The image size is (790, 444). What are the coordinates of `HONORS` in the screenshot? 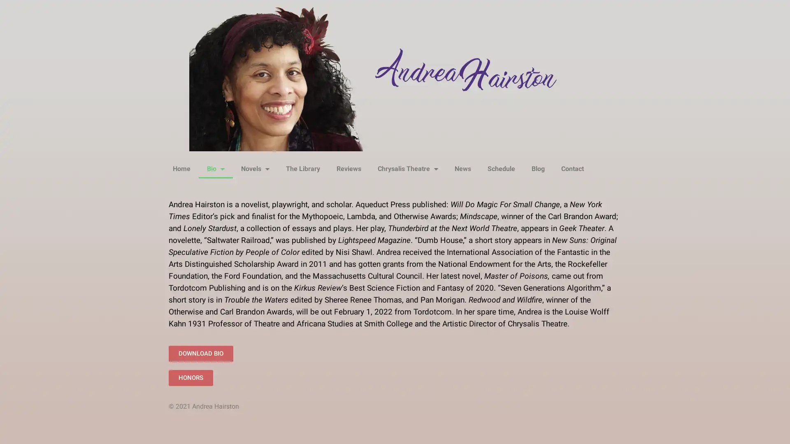 It's located at (191, 378).